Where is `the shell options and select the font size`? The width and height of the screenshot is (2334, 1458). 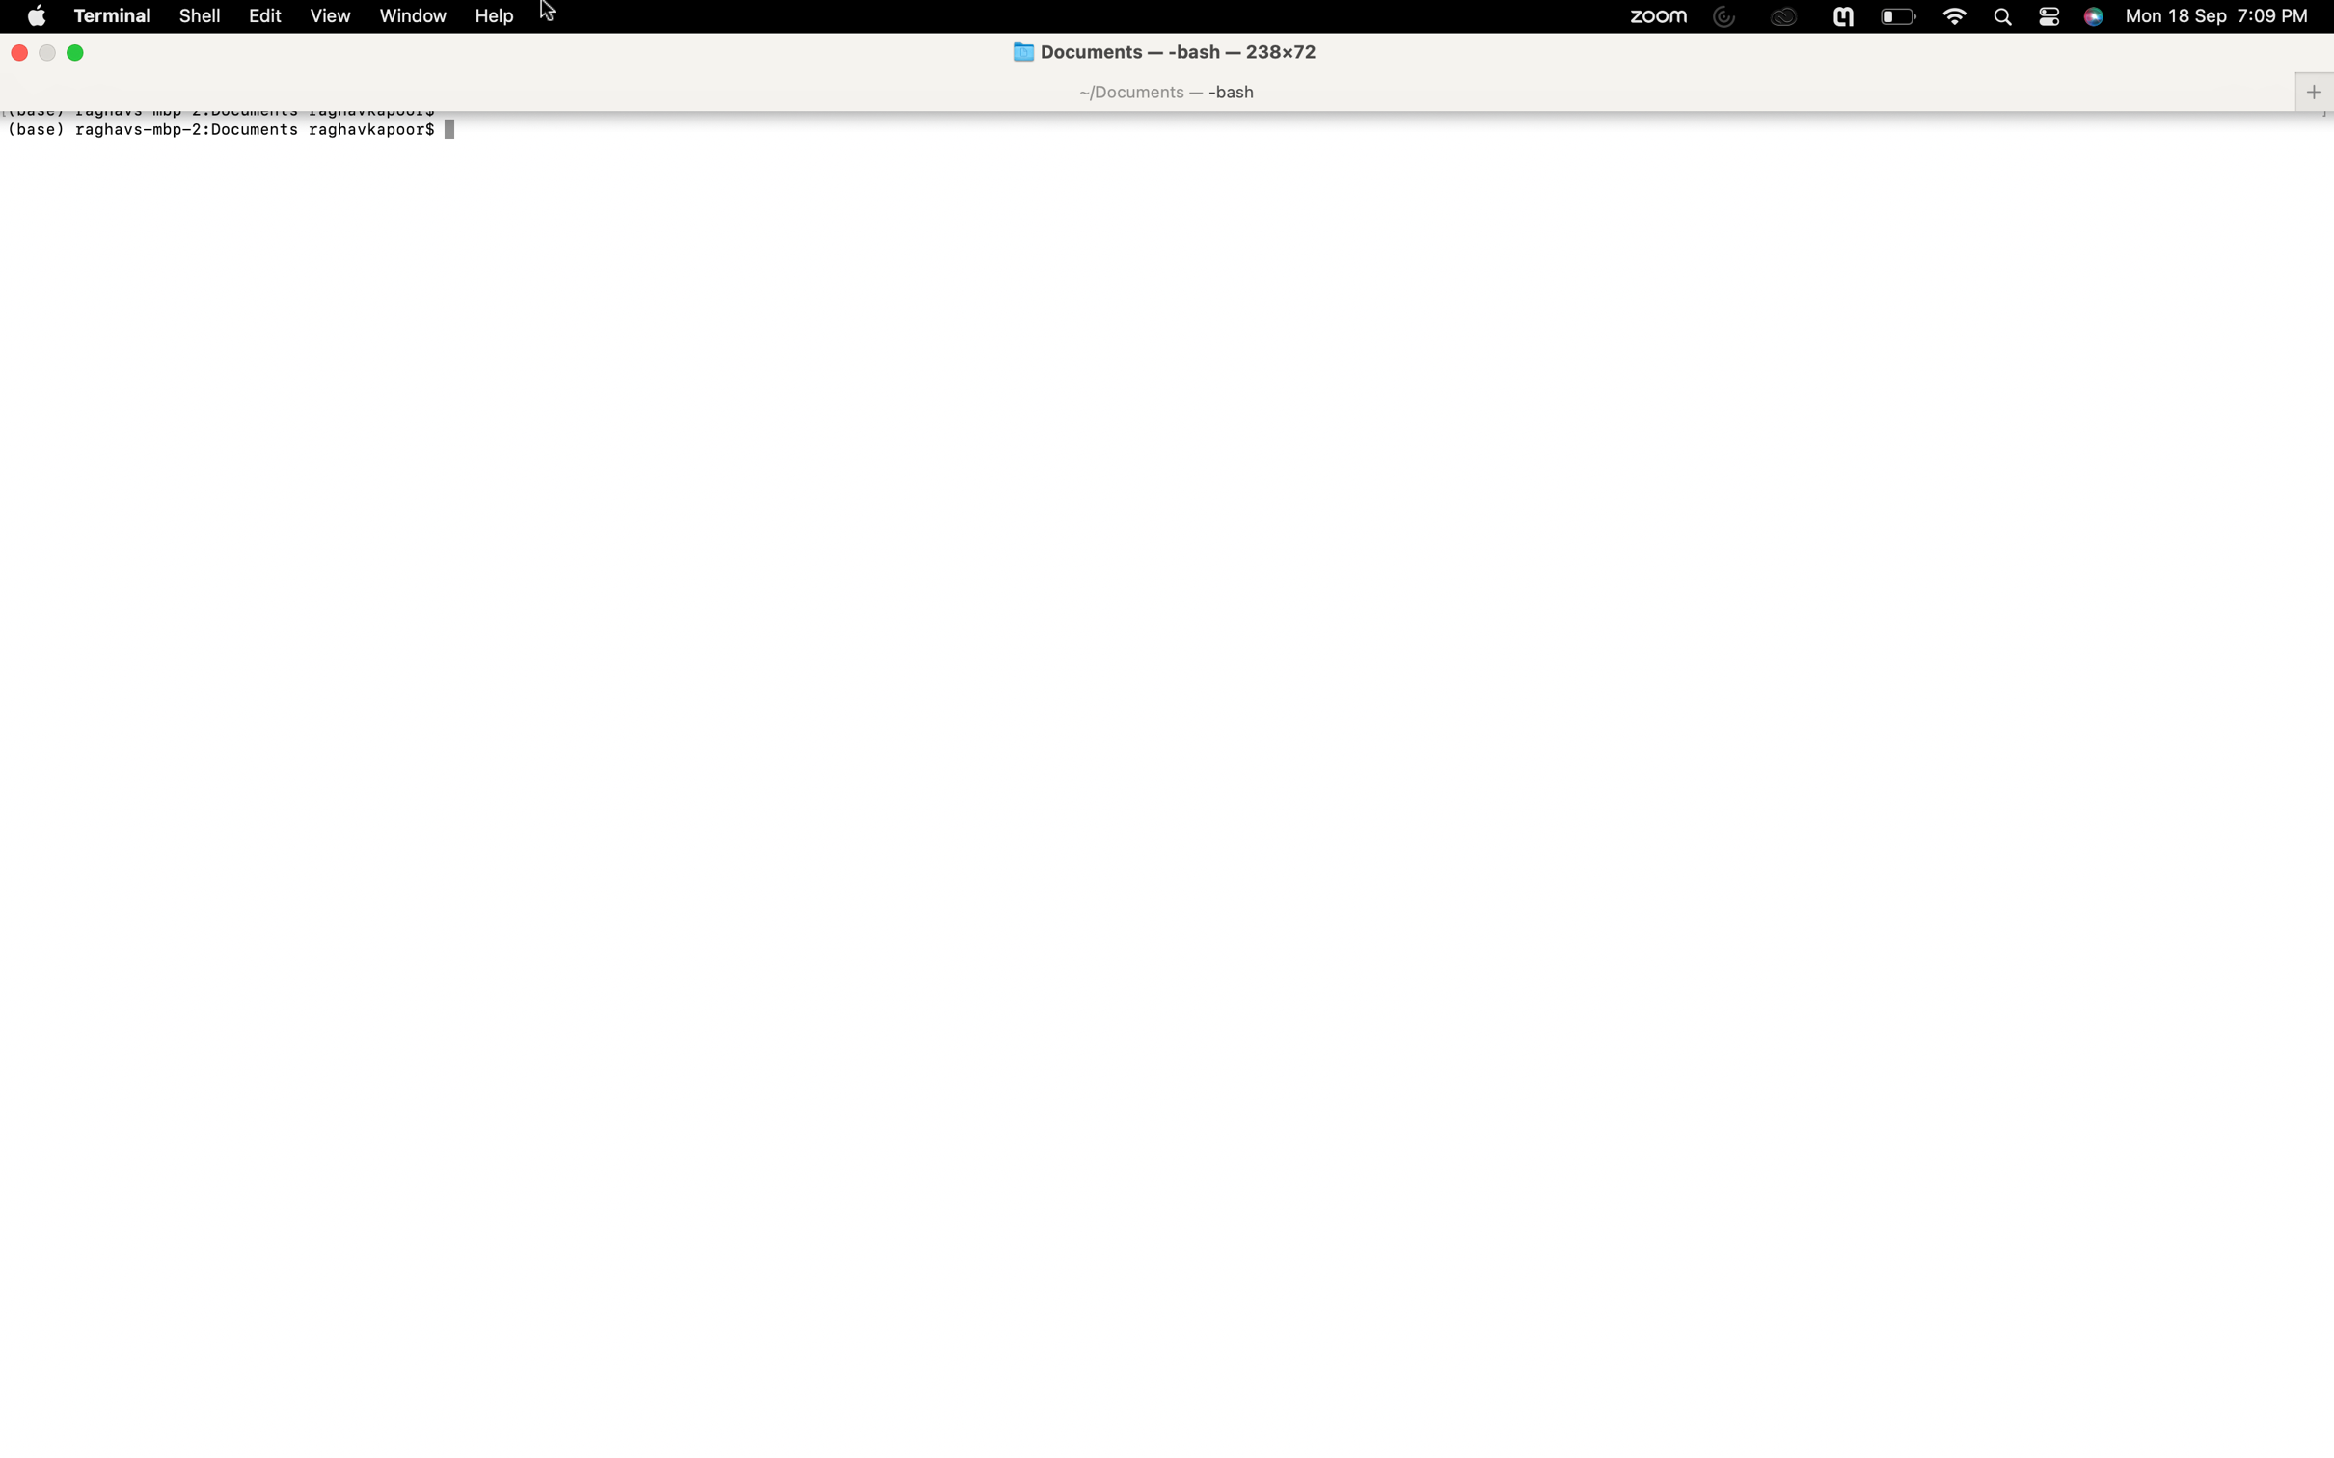
the shell options and select the font size is located at coordinates (198, 15).